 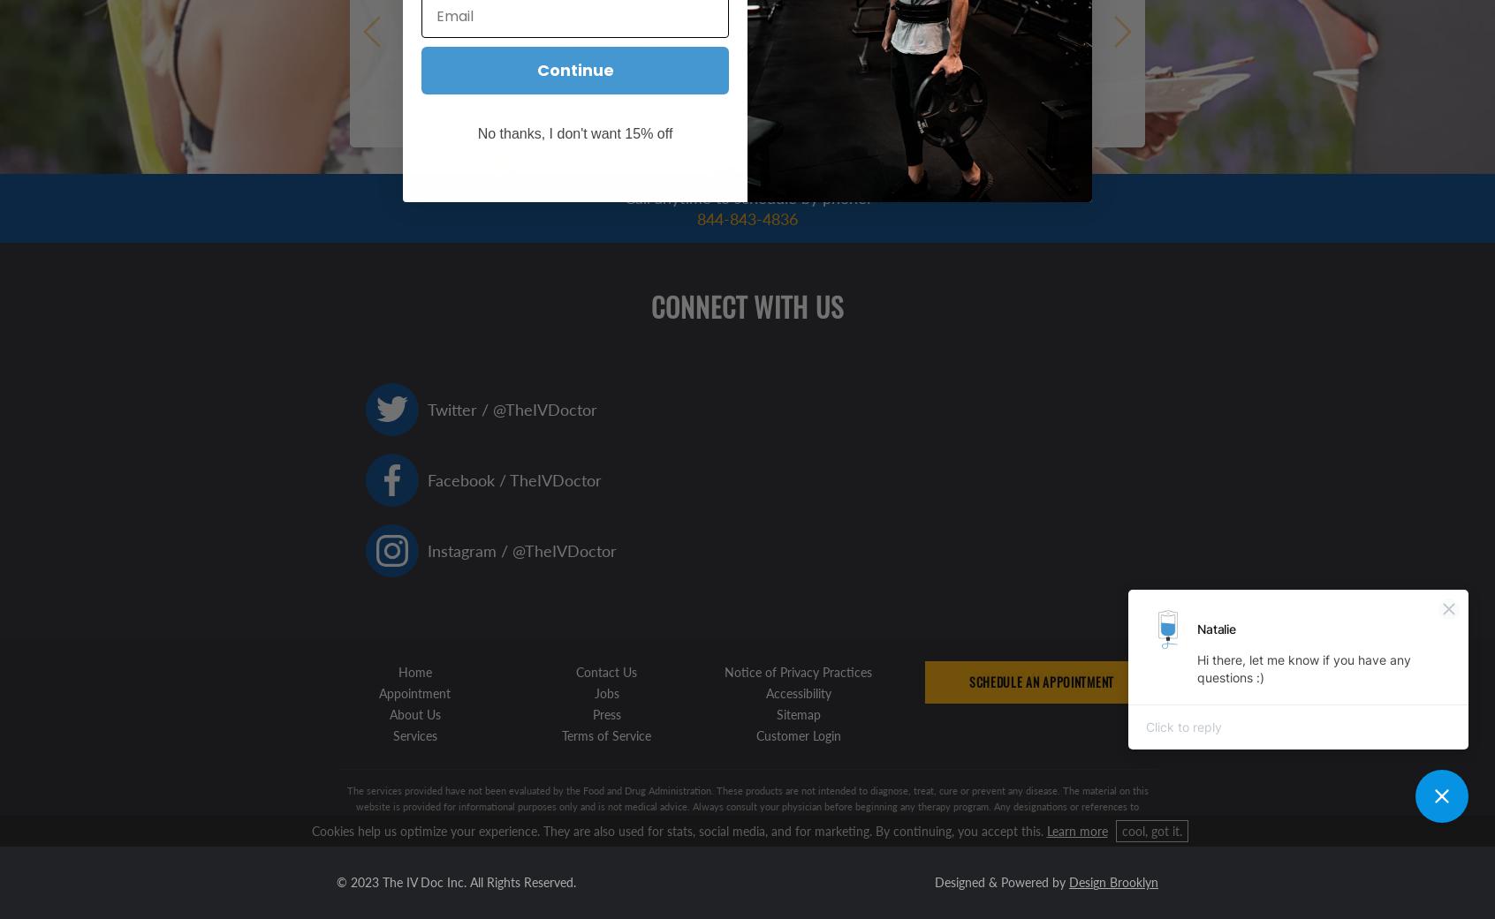 What do you see at coordinates (606, 671) in the screenshot?
I see `'Contact Us'` at bounding box center [606, 671].